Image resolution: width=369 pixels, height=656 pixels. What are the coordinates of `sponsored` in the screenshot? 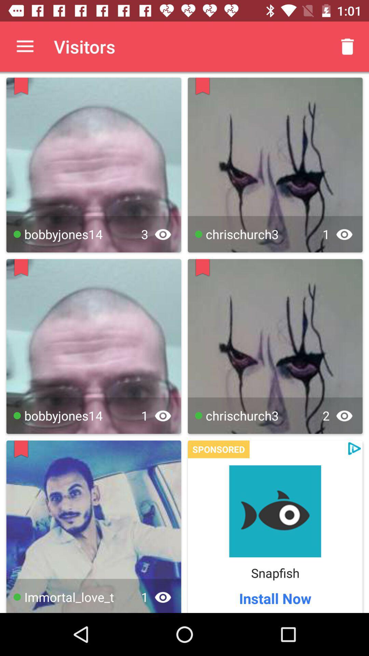 It's located at (219, 449).